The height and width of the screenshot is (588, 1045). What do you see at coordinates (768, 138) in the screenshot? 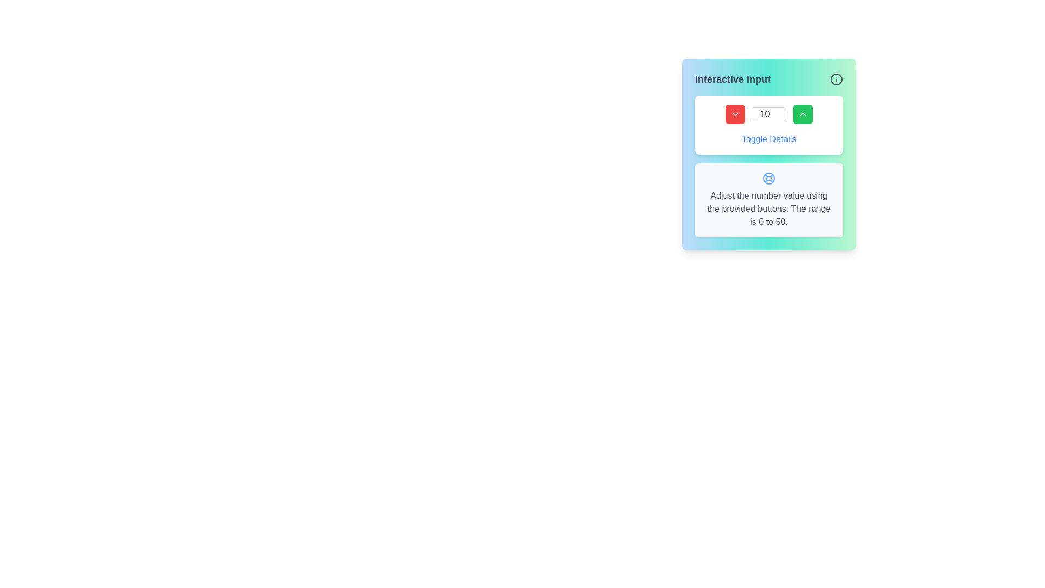
I see `the 'Toggle Details' hyperlink, which is styled in blue and positioned centrally at the bottom of the input section above the explanatory text area` at bounding box center [768, 138].